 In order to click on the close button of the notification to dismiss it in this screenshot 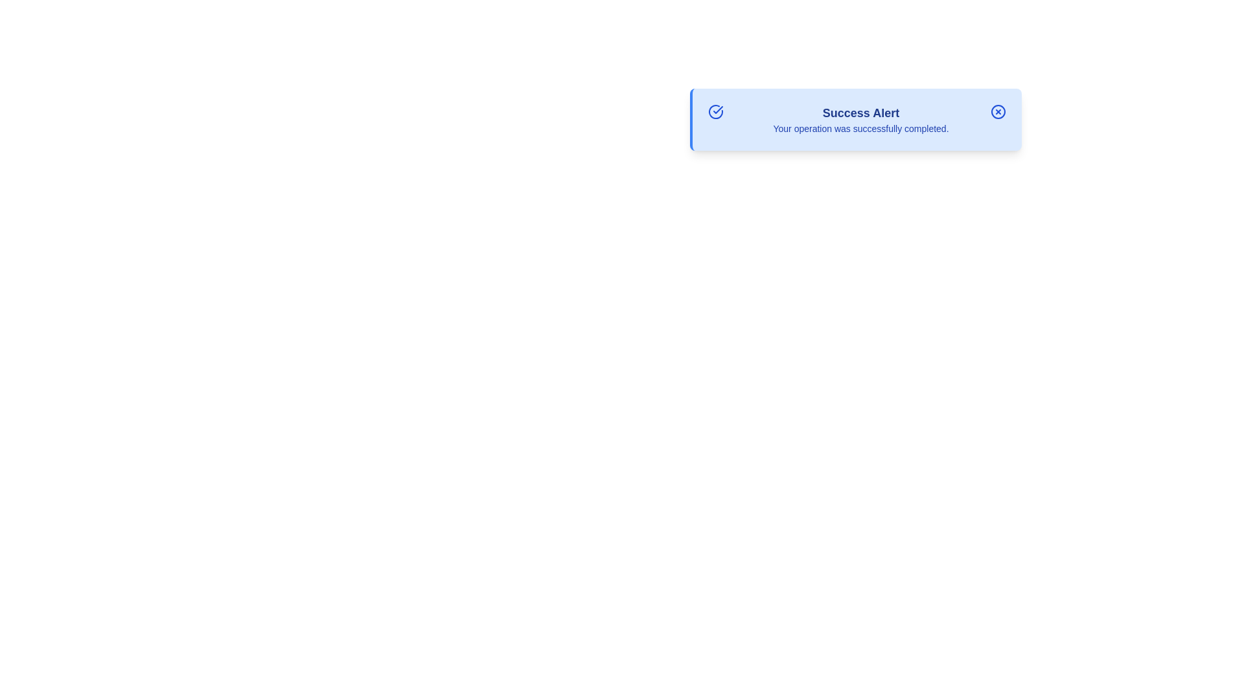, I will do `click(997, 111)`.